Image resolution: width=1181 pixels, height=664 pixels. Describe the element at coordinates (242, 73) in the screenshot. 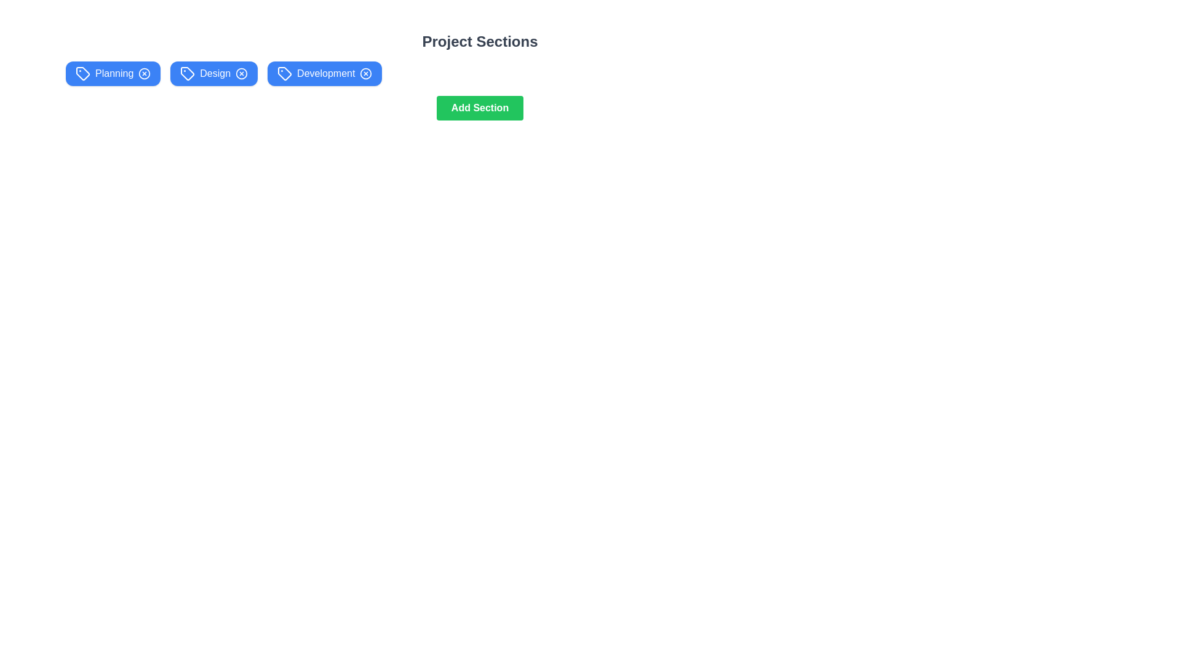

I see `remove button (X) on the section chip labeled Design` at that location.